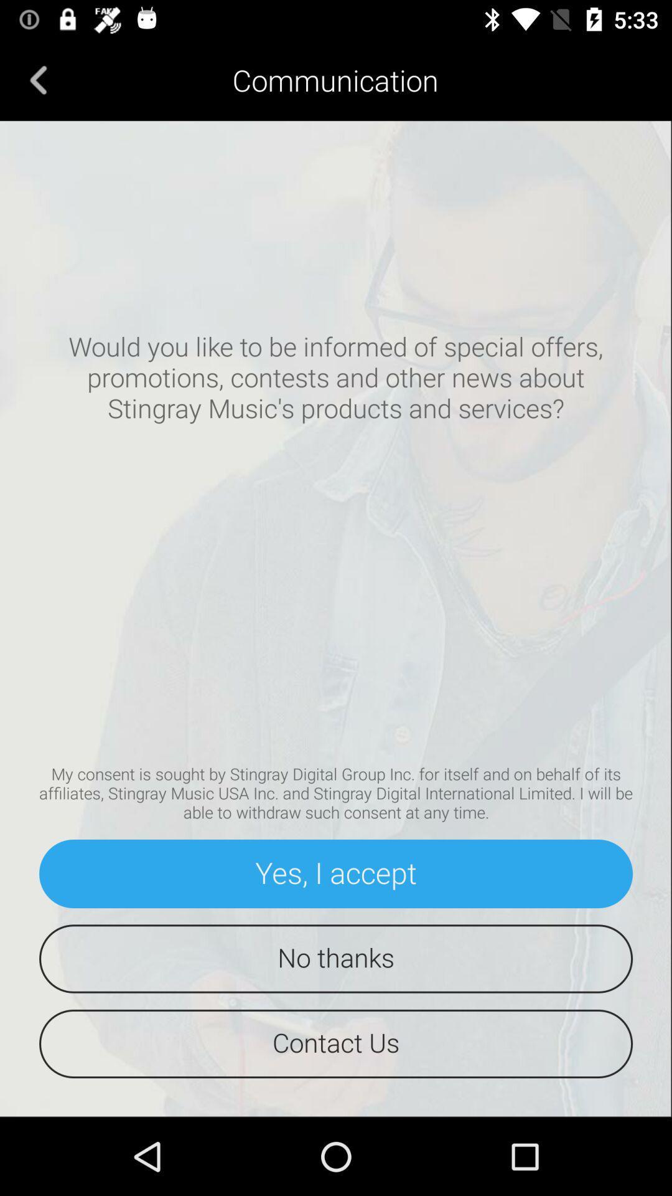 The height and width of the screenshot is (1196, 672). I want to click on the item below my consent is item, so click(336, 873).